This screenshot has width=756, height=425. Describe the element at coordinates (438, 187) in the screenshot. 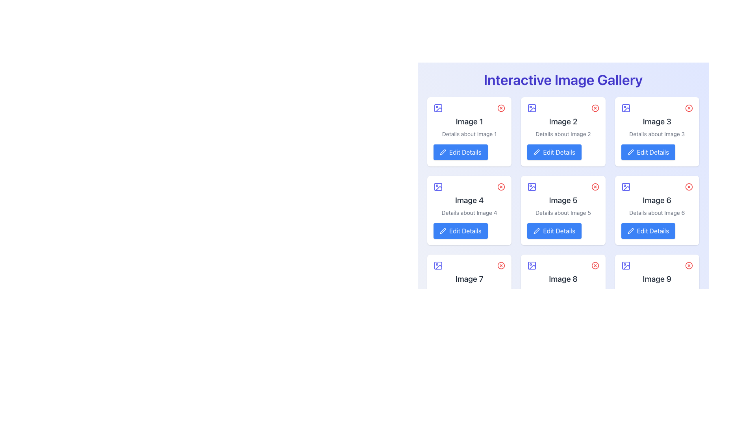

I see `the image icon located` at that location.